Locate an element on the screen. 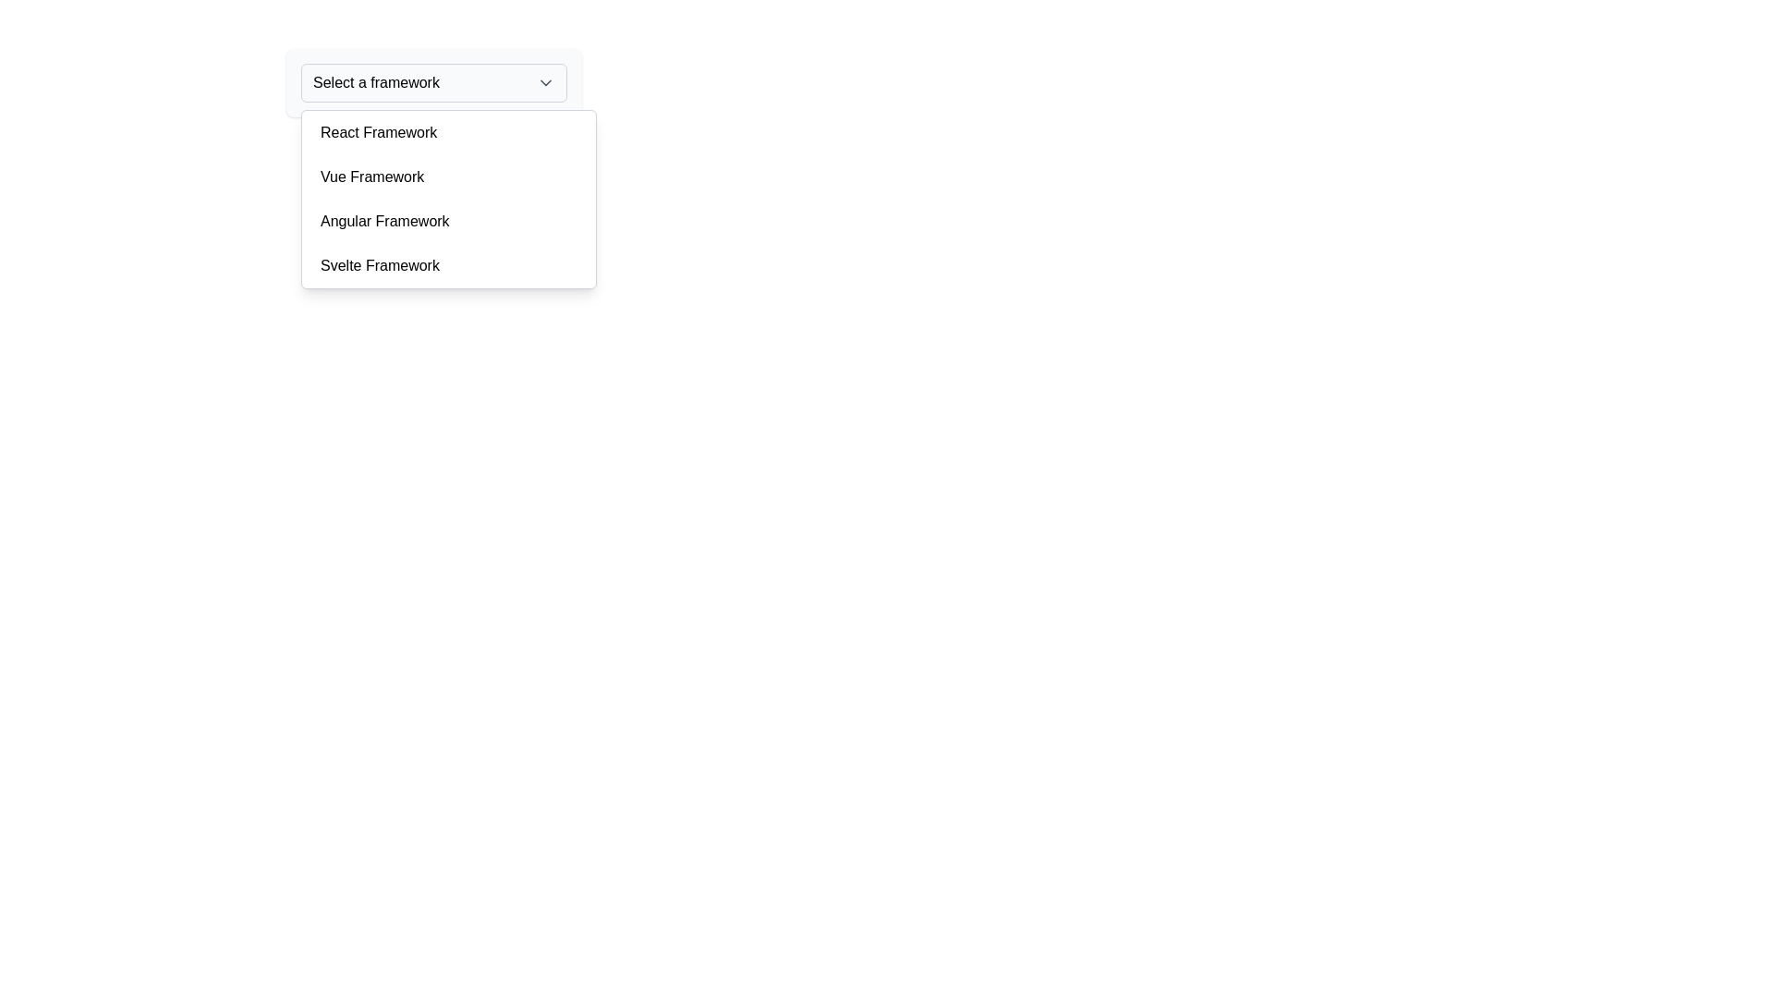 This screenshot has height=998, width=1774. the dropdown option labeled 'Vue Framework', which is the second option in the dropdown list, positioned between 'React Framework' and 'Angular Framework' is located at coordinates (448, 177).